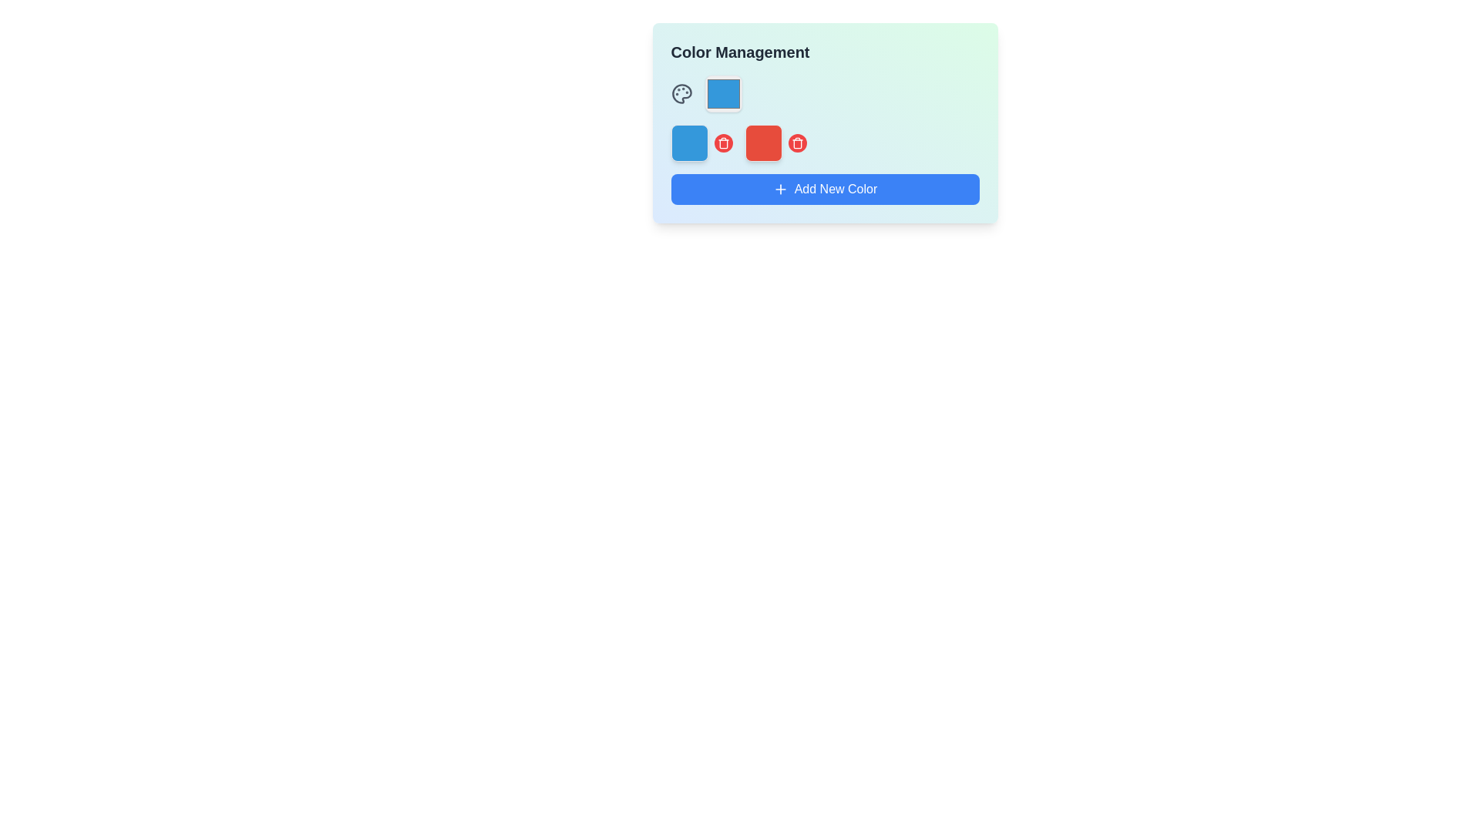 This screenshot has width=1480, height=832. I want to click on the color palette tool icon located in the top-left corner of the 'Color Management' content card, which is positioned above a blue square icon and to the left of an empty square frame, so click(681, 94).